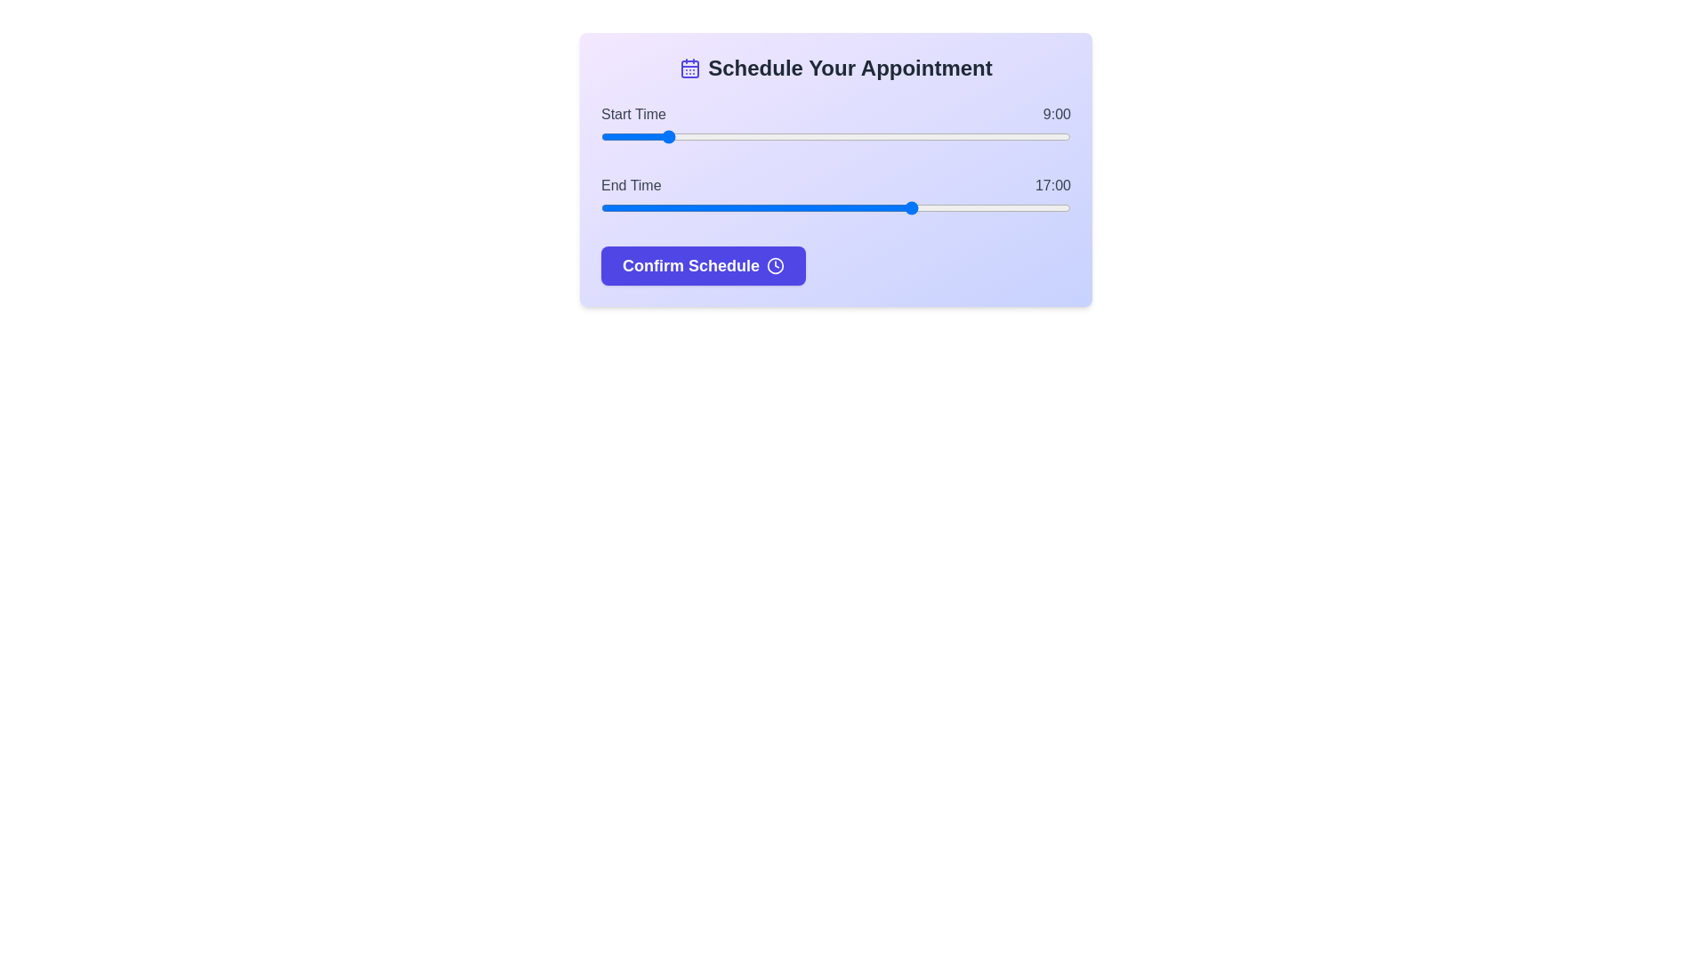 Image resolution: width=1708 pixels, height=961 pixels. What do you see at coordinates (601, 207) in the screenshot?
I see `the end time slider to 7 hours` at bounding box center [601, 207].